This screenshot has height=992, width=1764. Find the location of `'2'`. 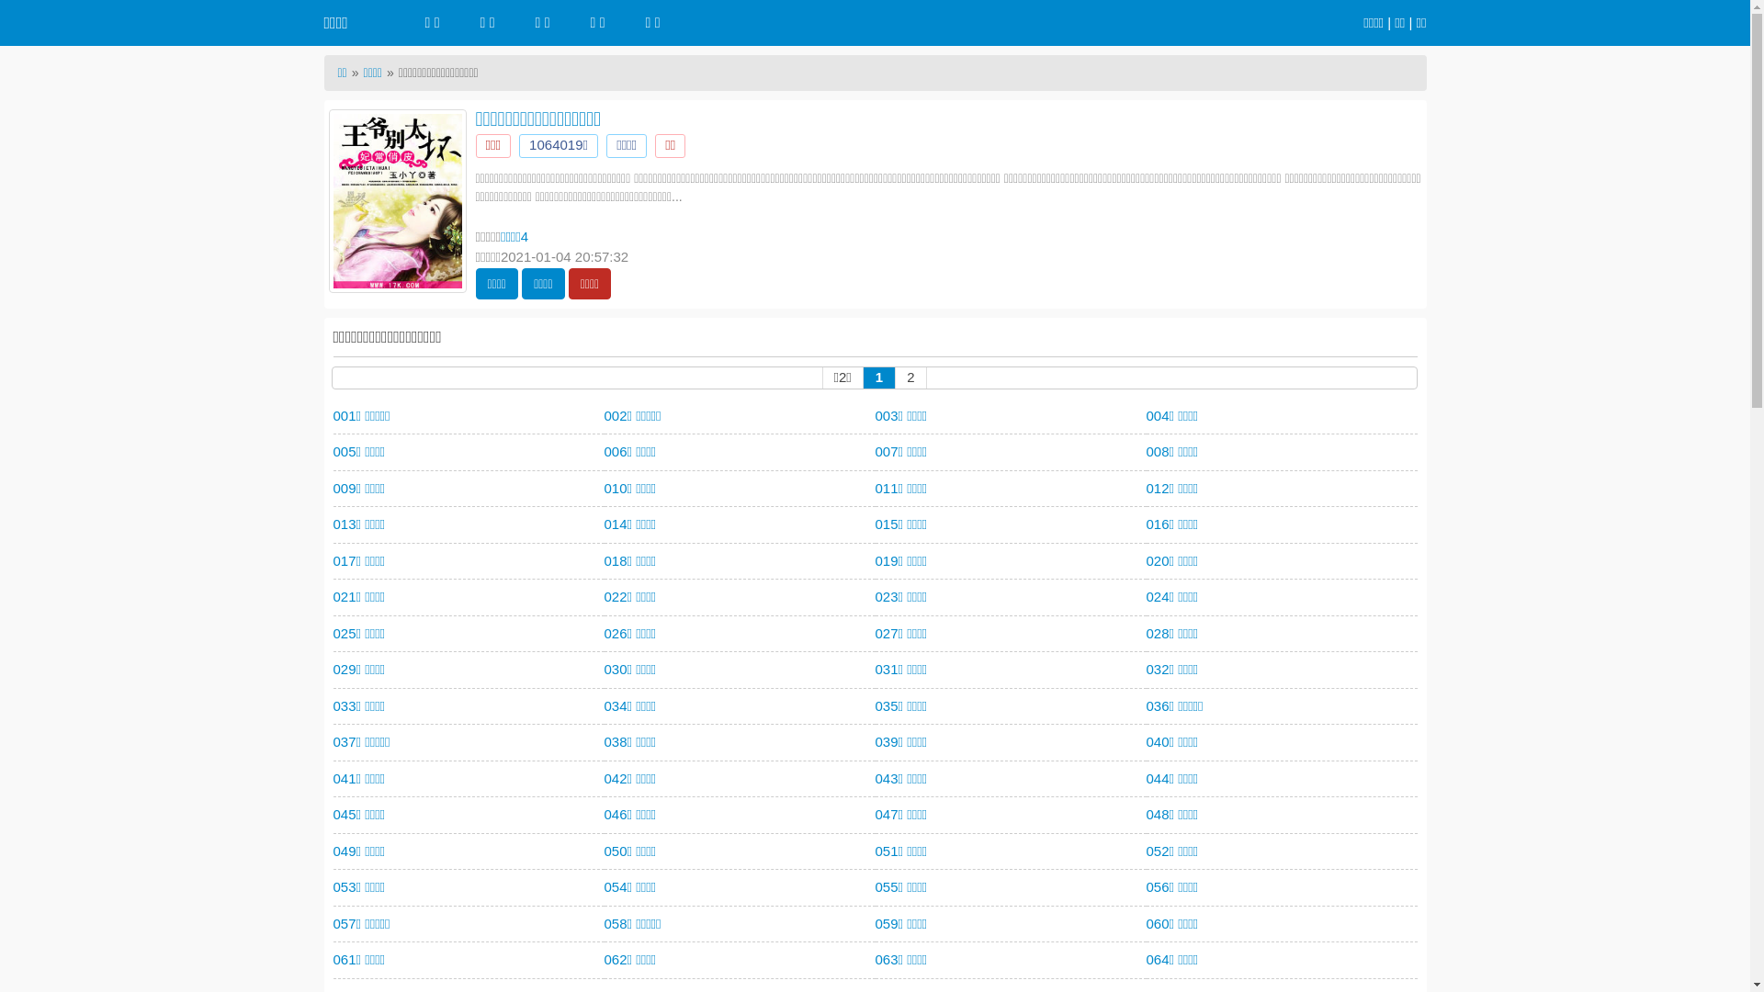

'2' is located at coordinates (910, 376).